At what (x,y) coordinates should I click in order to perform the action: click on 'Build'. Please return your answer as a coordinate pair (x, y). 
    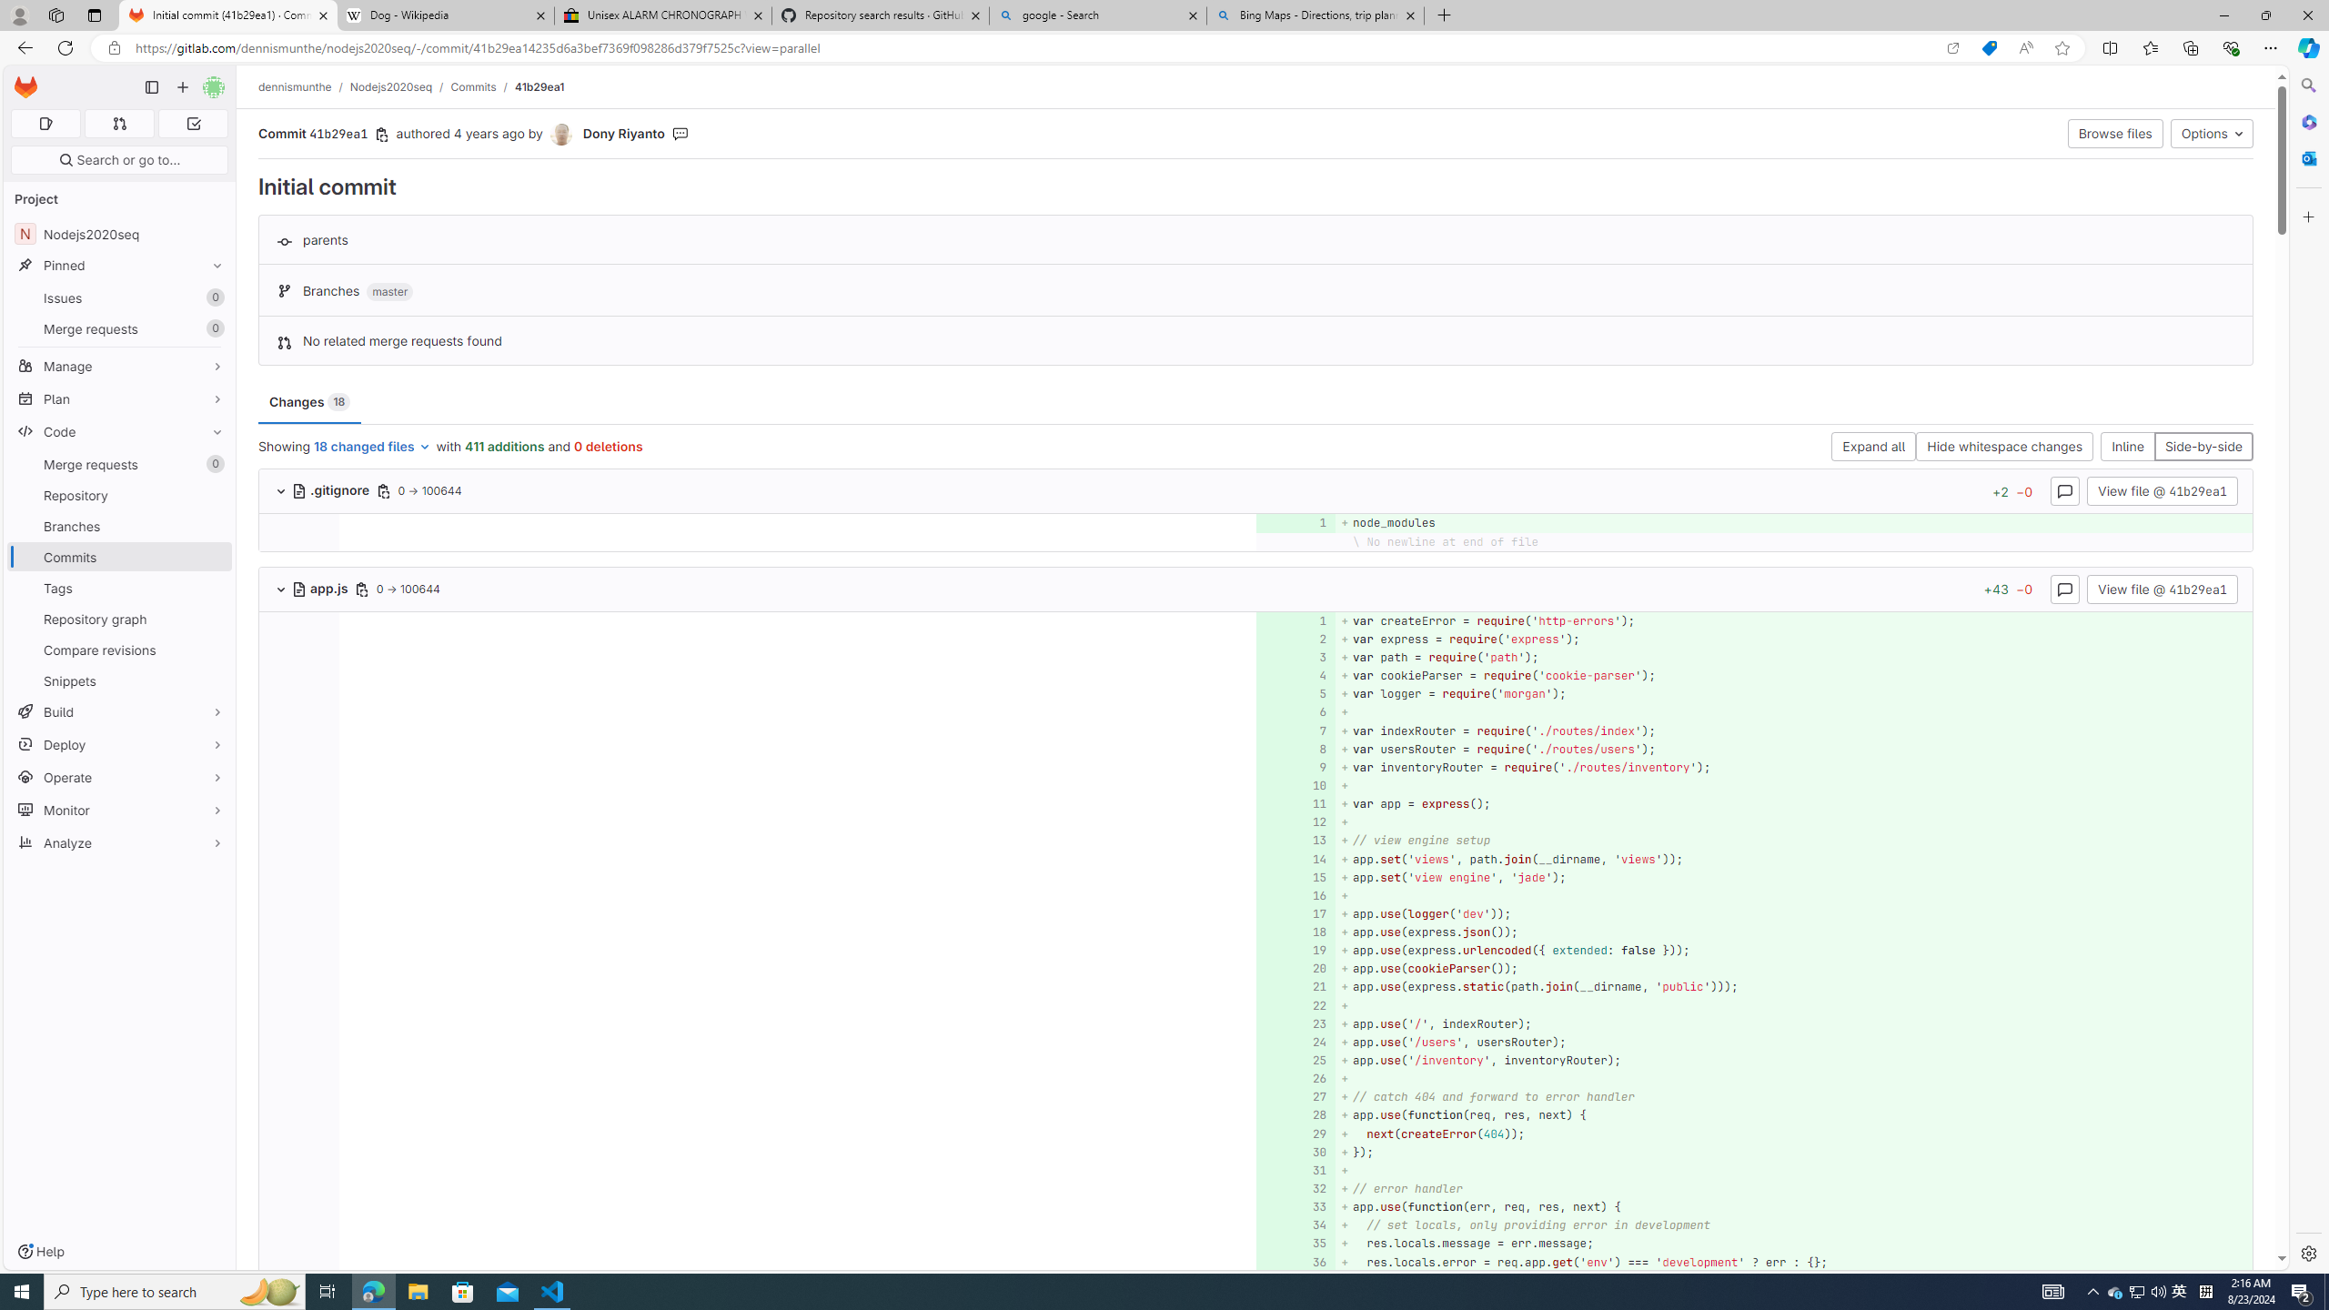
    Looking at the image, I should click on (118, 710).